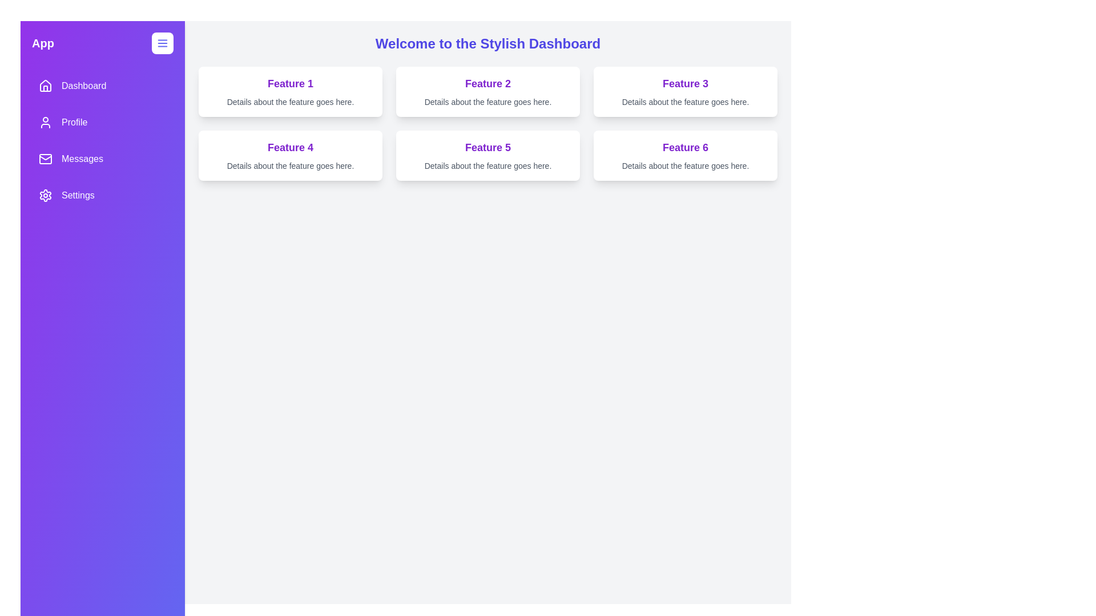 This screenshot has width=1096, height=616. Describe the element at coordinates (487, 156) in the screenshot. I see `the rectangular card with a white background, labeled 'Feature 5', located in the second row and second column of the grid layout` at that location.